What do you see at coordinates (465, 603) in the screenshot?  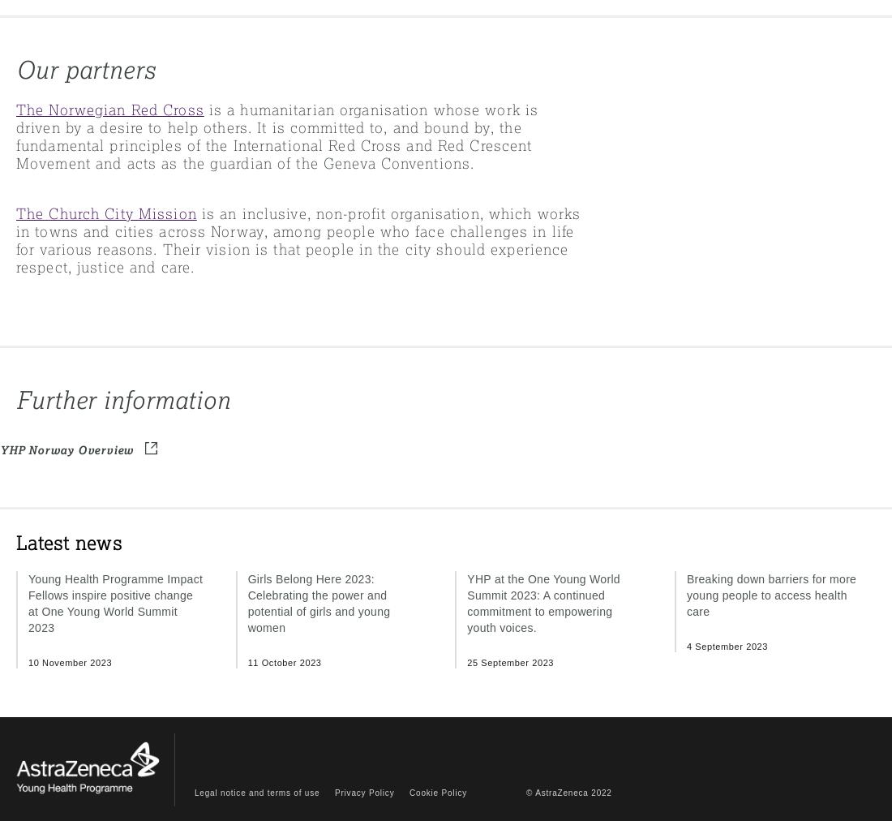 I see `'YHP at the One Young World Summit 2023: A continued commitment to empowering youth voices.'` at bounding box center [465, 603].